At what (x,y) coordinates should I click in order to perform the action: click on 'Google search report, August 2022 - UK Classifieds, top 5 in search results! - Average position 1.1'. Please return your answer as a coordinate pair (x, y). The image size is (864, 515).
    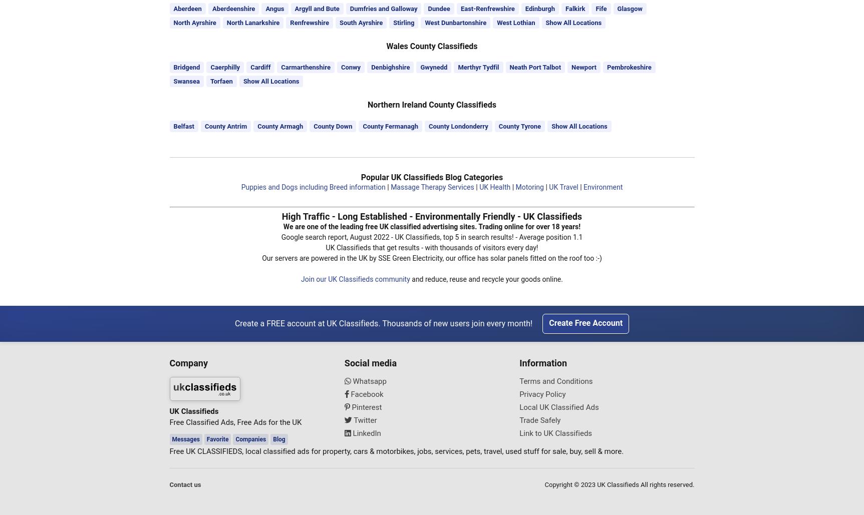
    Looking at the image, I should click on (280, 236).